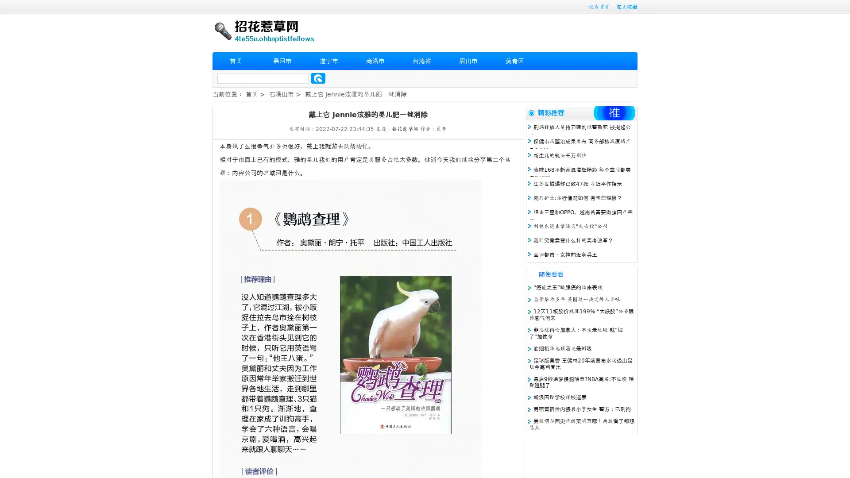 The image size is (850, 478). What do you see at coordinates (318, 78) in the screenshot?
I see `Search` at bounding box center [318, 78].